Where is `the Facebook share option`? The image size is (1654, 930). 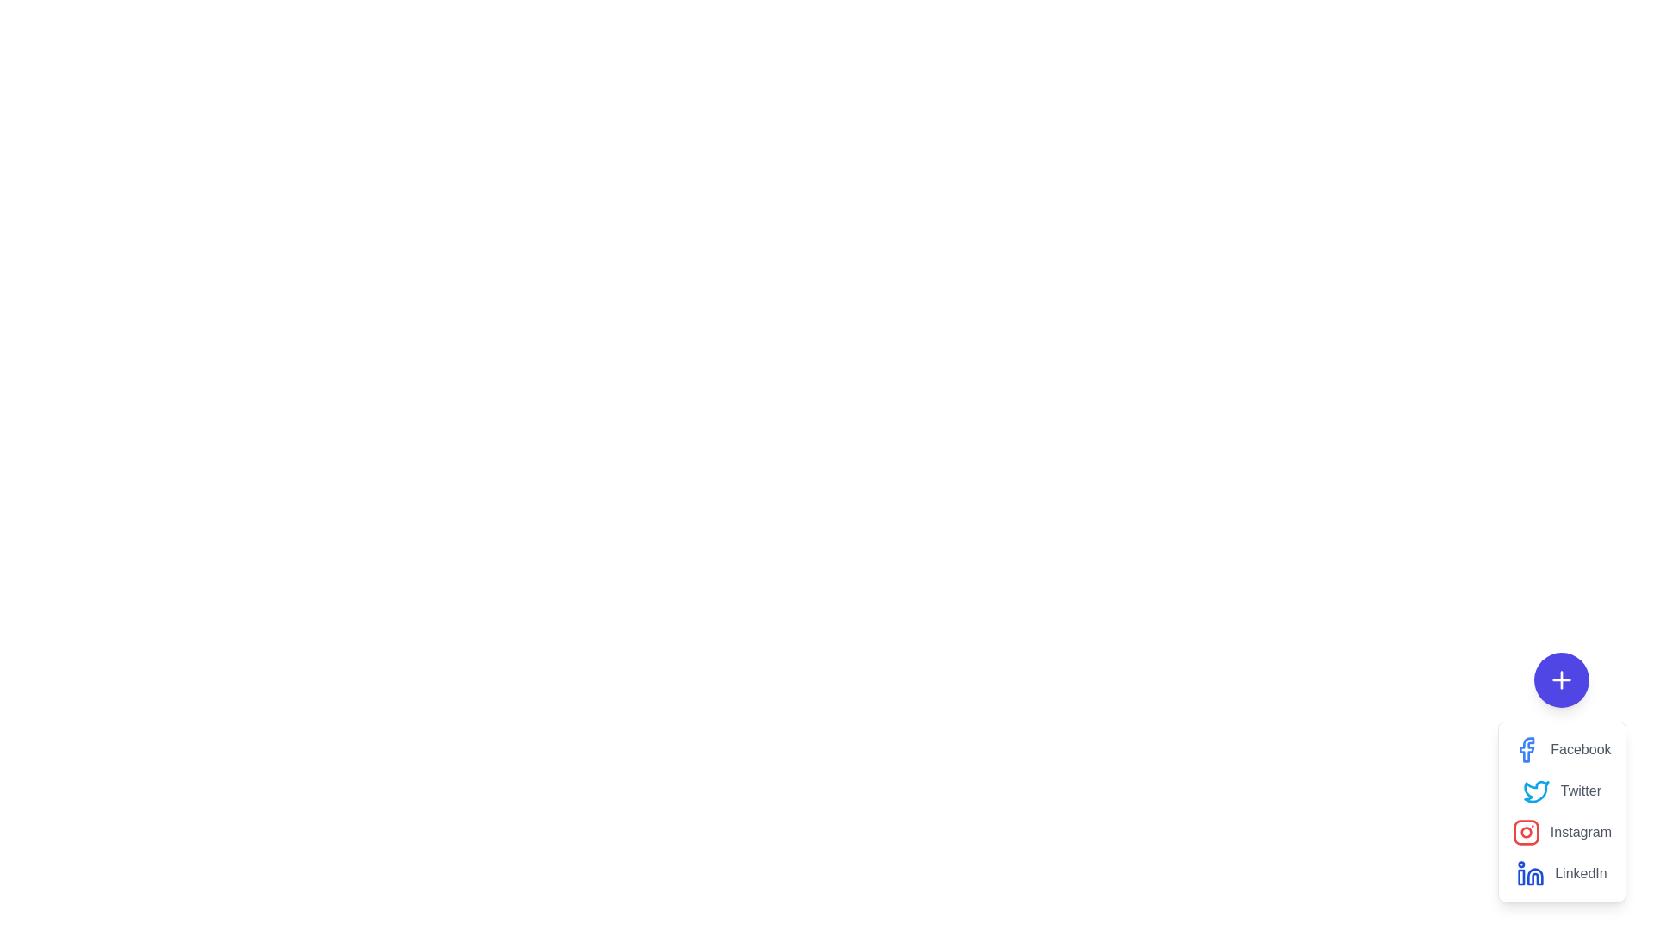 the Facebook share option is located at coordinates (1526, 749).